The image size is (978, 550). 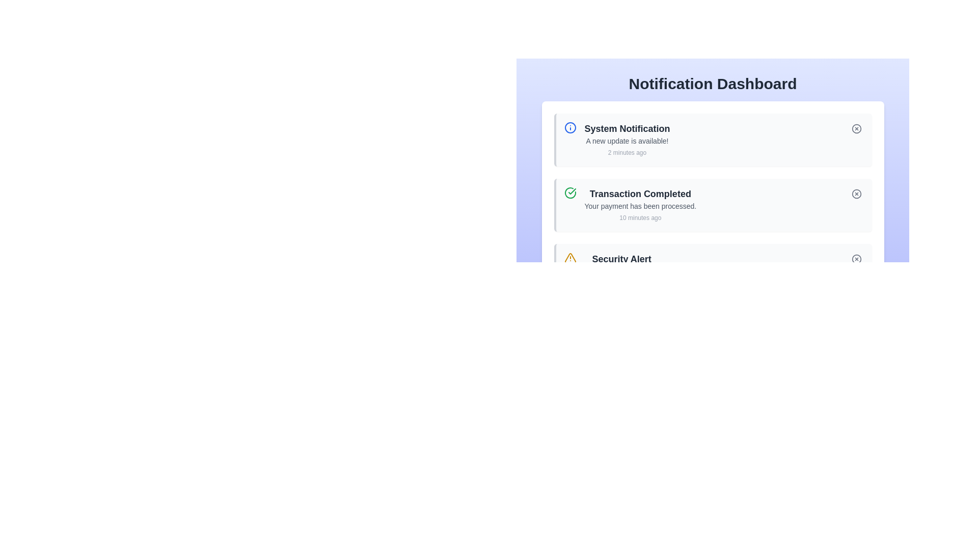 What do you see at coordinates (572, 191) in the screenshot?
I see `the checkmark icon indicating a completed status in the 'Notification Dashboard', which is part of a green-themed SVG image and is located to the left of the 'Transaction Completed' text` at bounding box center [572, 191].